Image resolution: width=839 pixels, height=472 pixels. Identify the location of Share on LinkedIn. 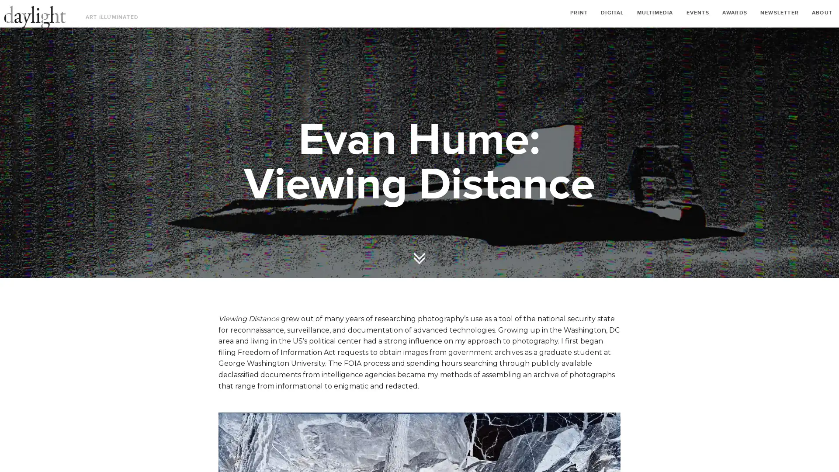
(587, 430).